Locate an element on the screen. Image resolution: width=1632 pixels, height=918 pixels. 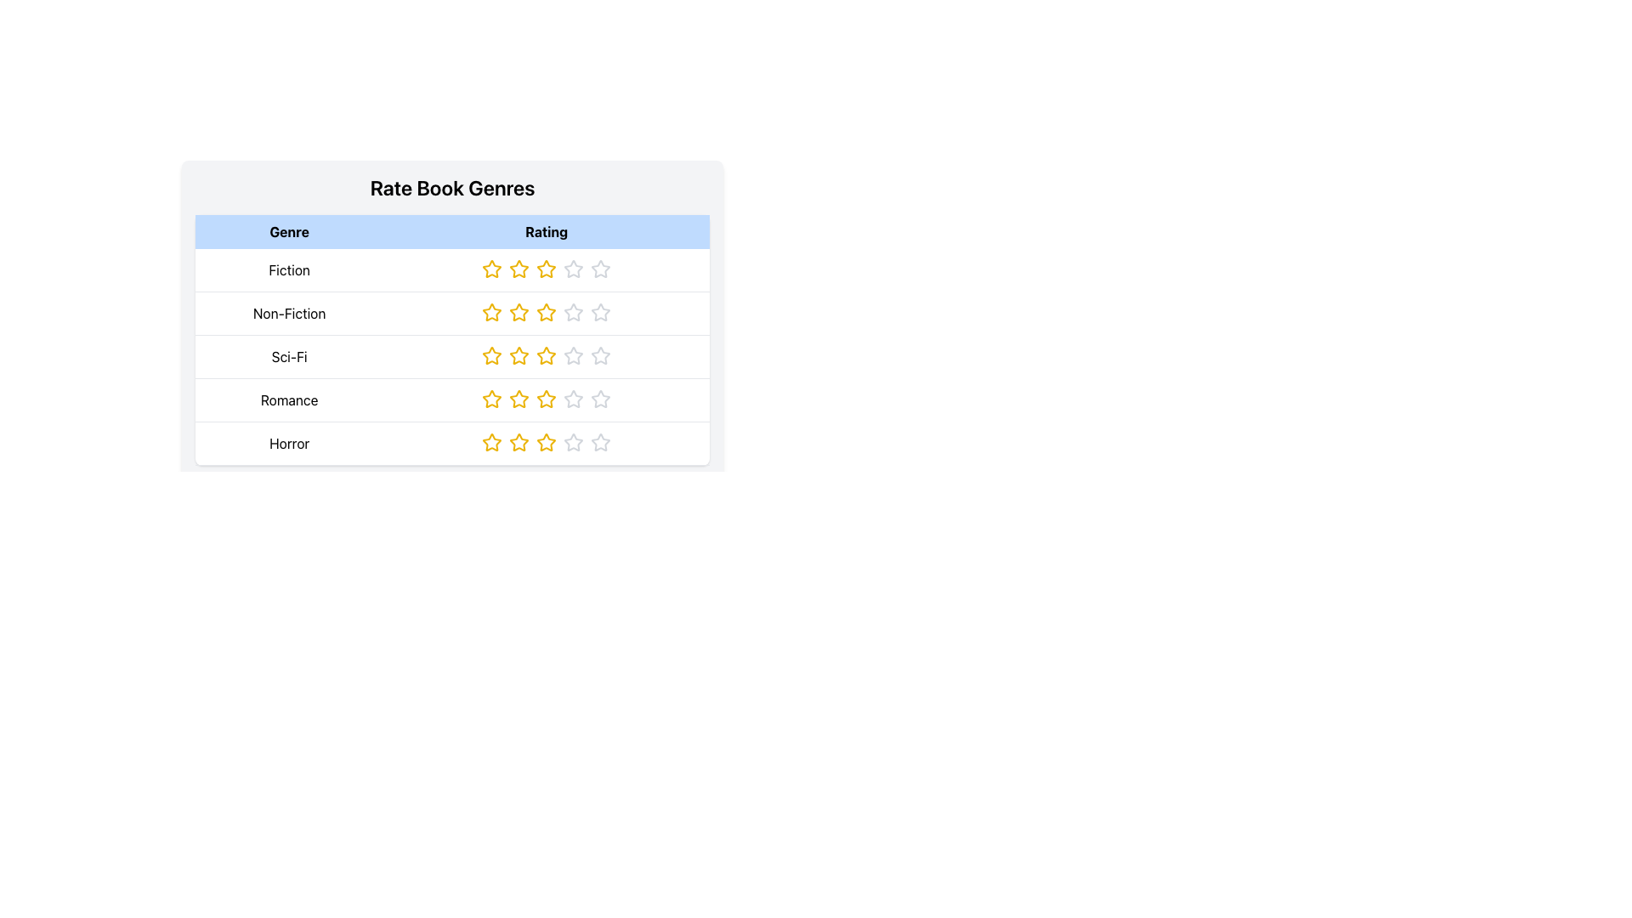
the fourth star button in the rating system to change the rating is located at coordinates (574, 312).